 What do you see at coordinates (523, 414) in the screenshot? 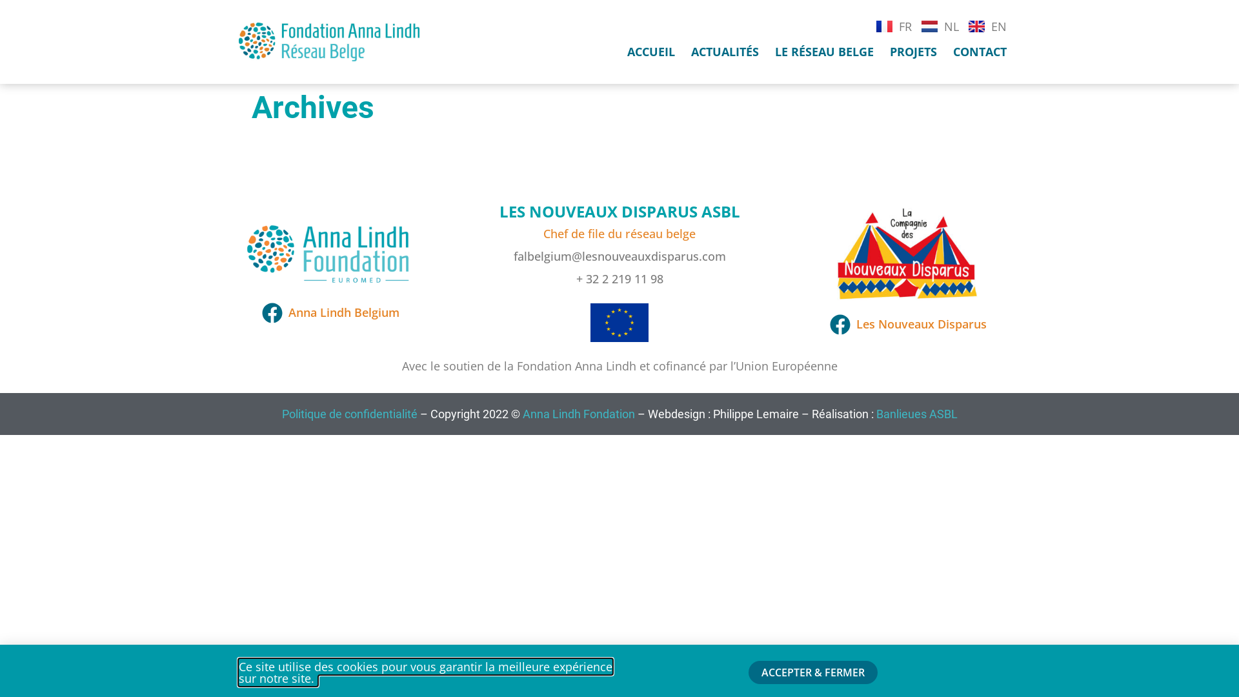
I see `'Anna Lindh Fondation'` at bounding box center [523, 414].